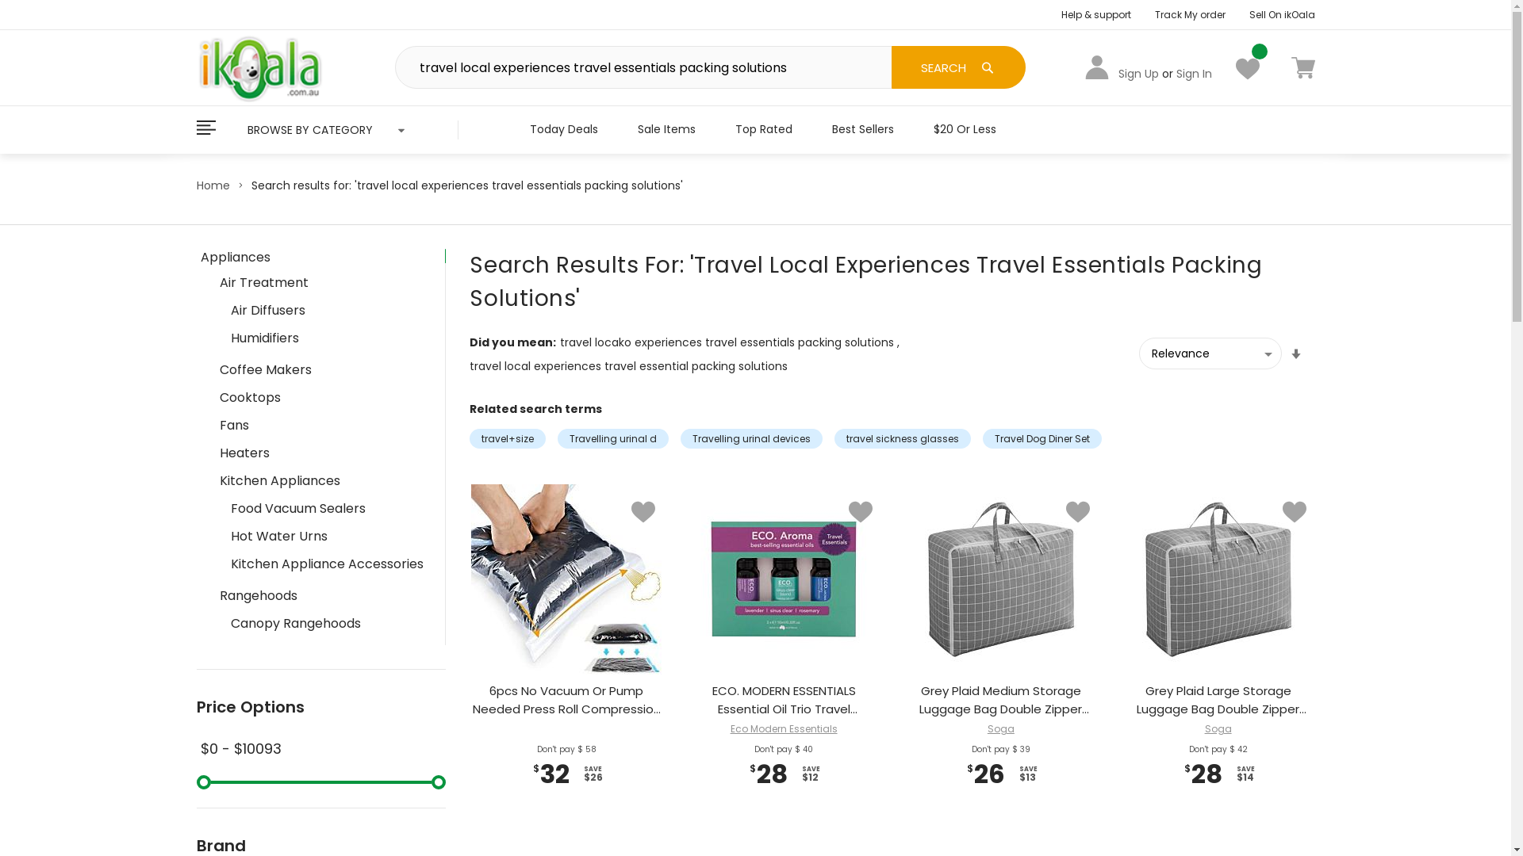 Image resolution: width=1523 pixels, height=856 pixels. What do you see at coordinates (681, 439) in the screenshot?
I see `'Travelling urinal devices'` at bounding box center [681, 439].